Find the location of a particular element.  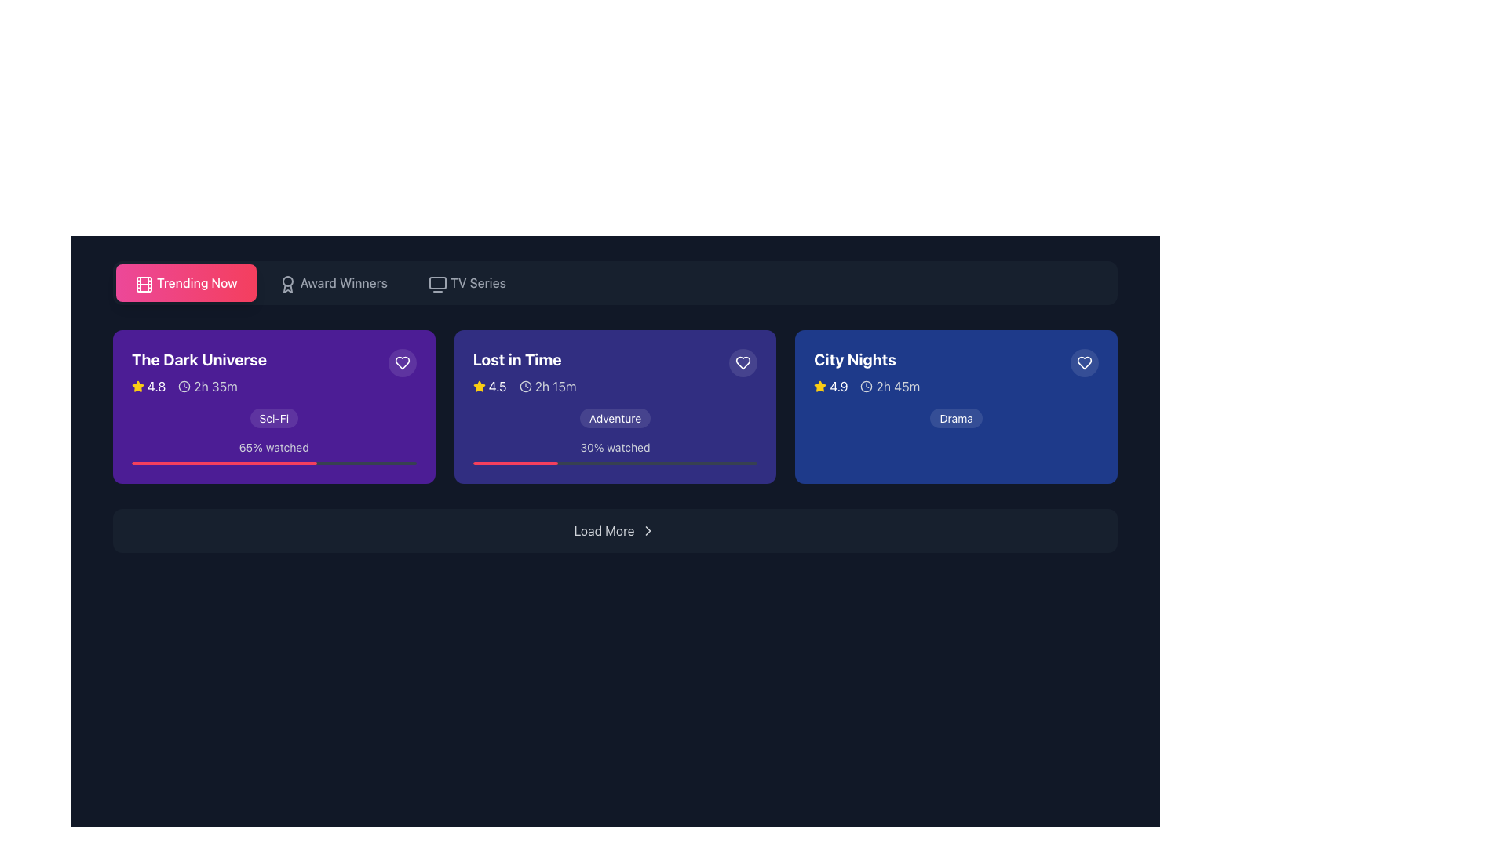

the 'like' or 'favorite' button represented by a heart icon located at the top-right corner of the first content card is located at coordinates (402, 362).